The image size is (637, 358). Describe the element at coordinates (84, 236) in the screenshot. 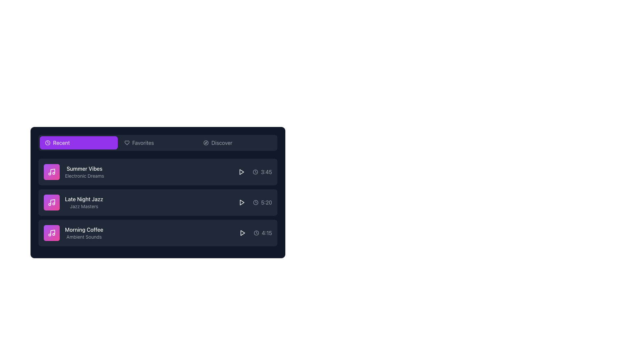

I see `the textual element displaying 'Ambient Sounds' which is styled in a smaller, gray-colored font and located below 'Morning Coffee' in the interface` at that location.